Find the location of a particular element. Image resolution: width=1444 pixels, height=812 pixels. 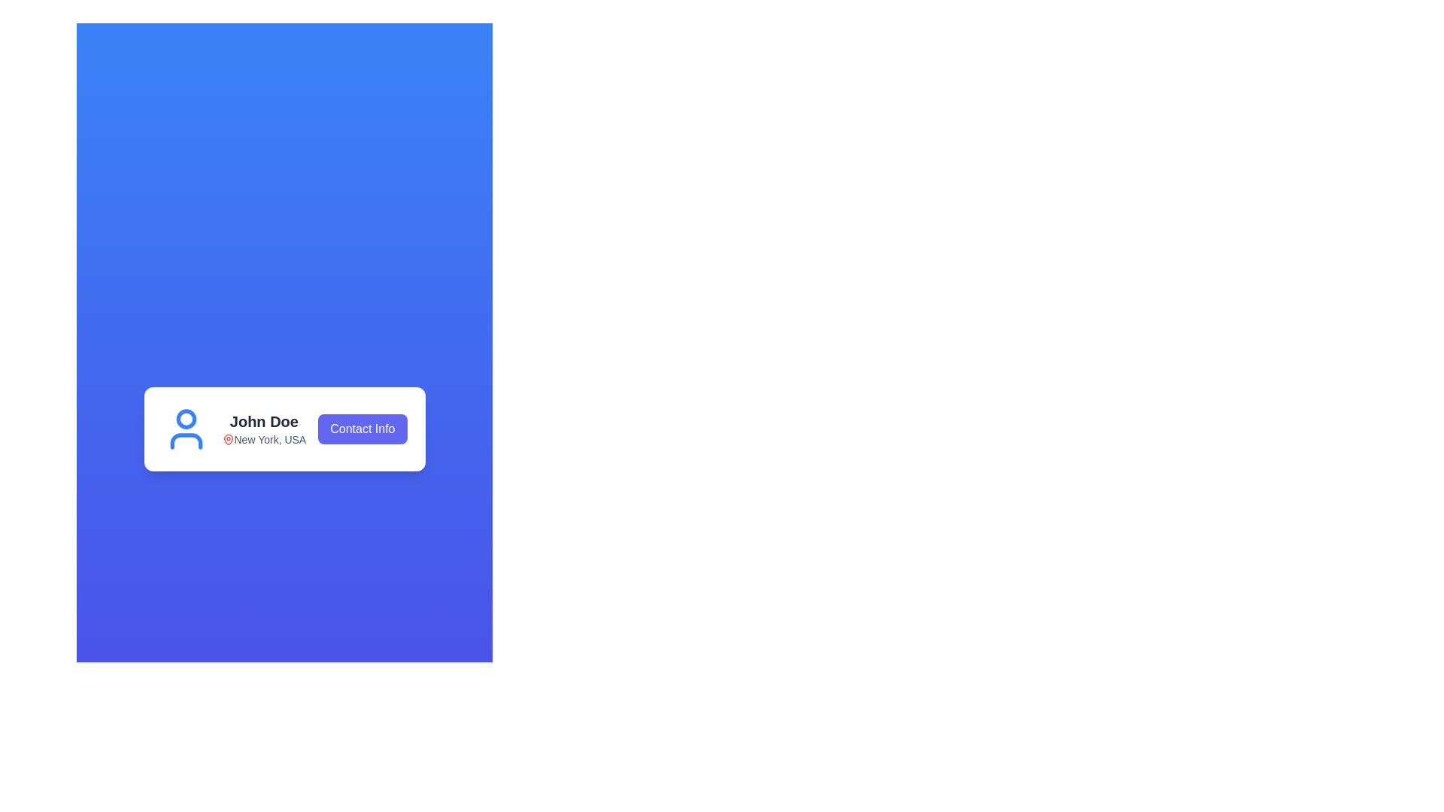

the 'Contact Info' button located to the right of the textual information 'John Doe' and 'New York, USA' to observe hover effects is located at coordinates (363, 429).